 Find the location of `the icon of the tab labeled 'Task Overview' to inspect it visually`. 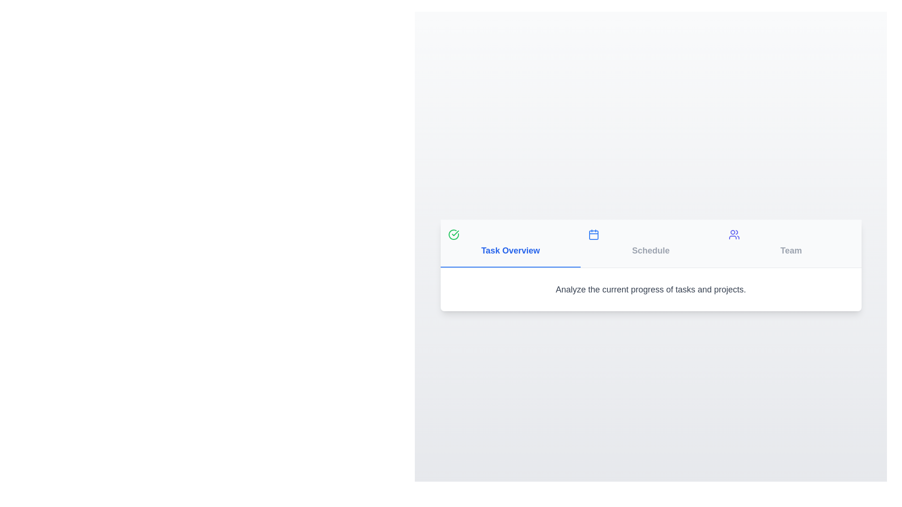

the icon of the tab labeled 'Task Overview' to inspect it visually is located at coordinates (453, 234).